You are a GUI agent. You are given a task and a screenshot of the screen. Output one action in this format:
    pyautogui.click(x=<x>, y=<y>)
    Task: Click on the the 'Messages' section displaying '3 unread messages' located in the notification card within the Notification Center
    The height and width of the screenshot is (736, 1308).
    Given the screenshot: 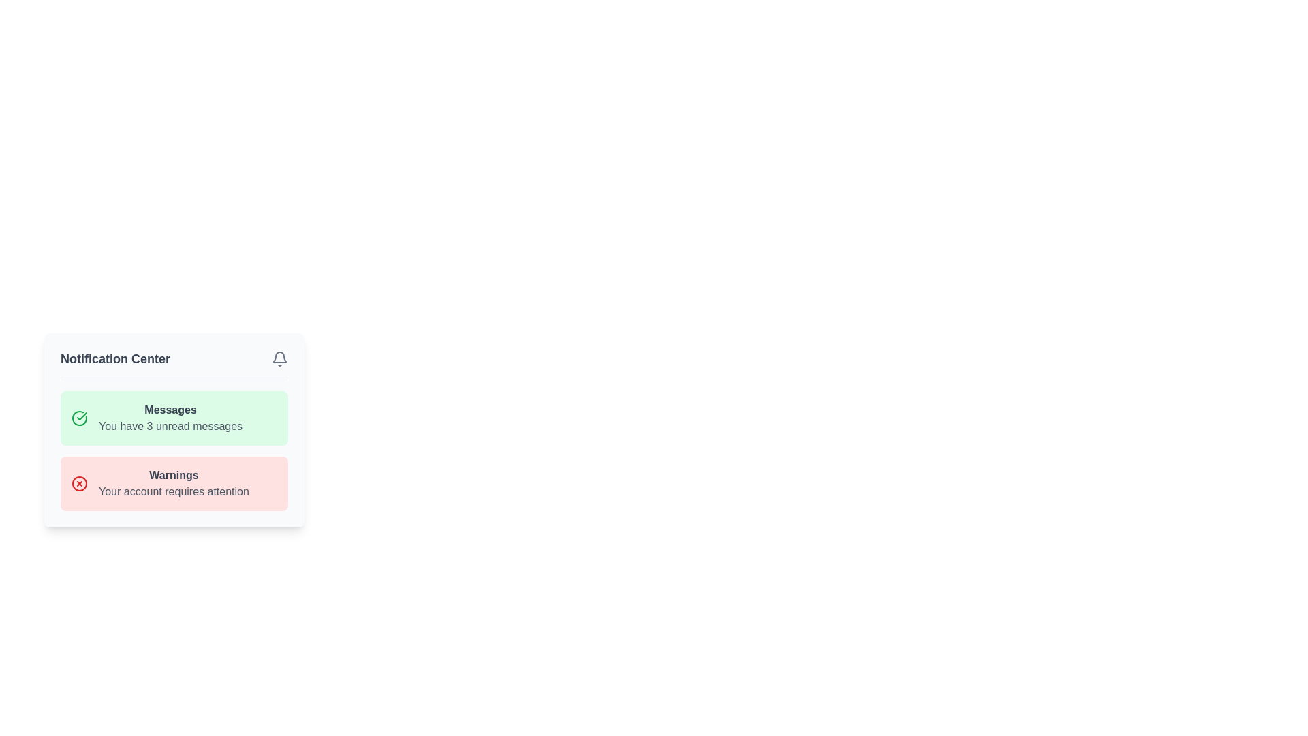 What is the action you would take?
    pyautogui.click(x=170, y=417)
    